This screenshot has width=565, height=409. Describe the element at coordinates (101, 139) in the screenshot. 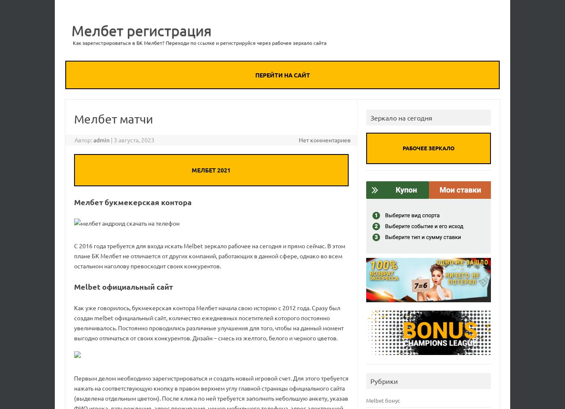

I see `'admin'` at that location.